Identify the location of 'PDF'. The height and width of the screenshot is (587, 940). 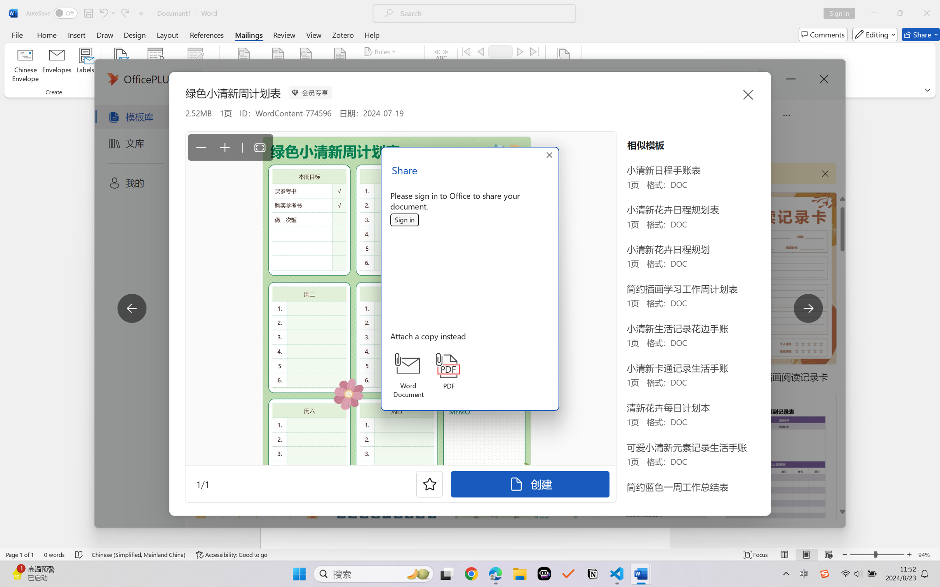
(449, 371).